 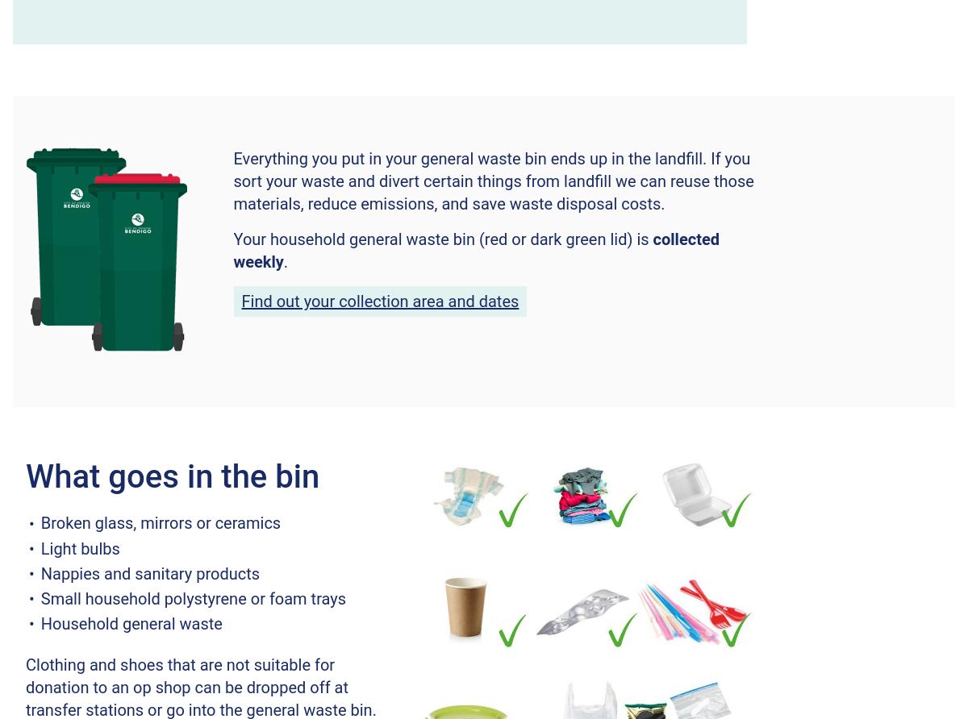 What do you see at coordinates (493, 181) in the screenshot?
I see `'Everything you put in your general waste bin ends up in the landfill. If you sort your waste and divert certain things from landfill we can reuse those materials, reduce emissions, and save waste disposal costs.'` at bounding box center [493, 181].